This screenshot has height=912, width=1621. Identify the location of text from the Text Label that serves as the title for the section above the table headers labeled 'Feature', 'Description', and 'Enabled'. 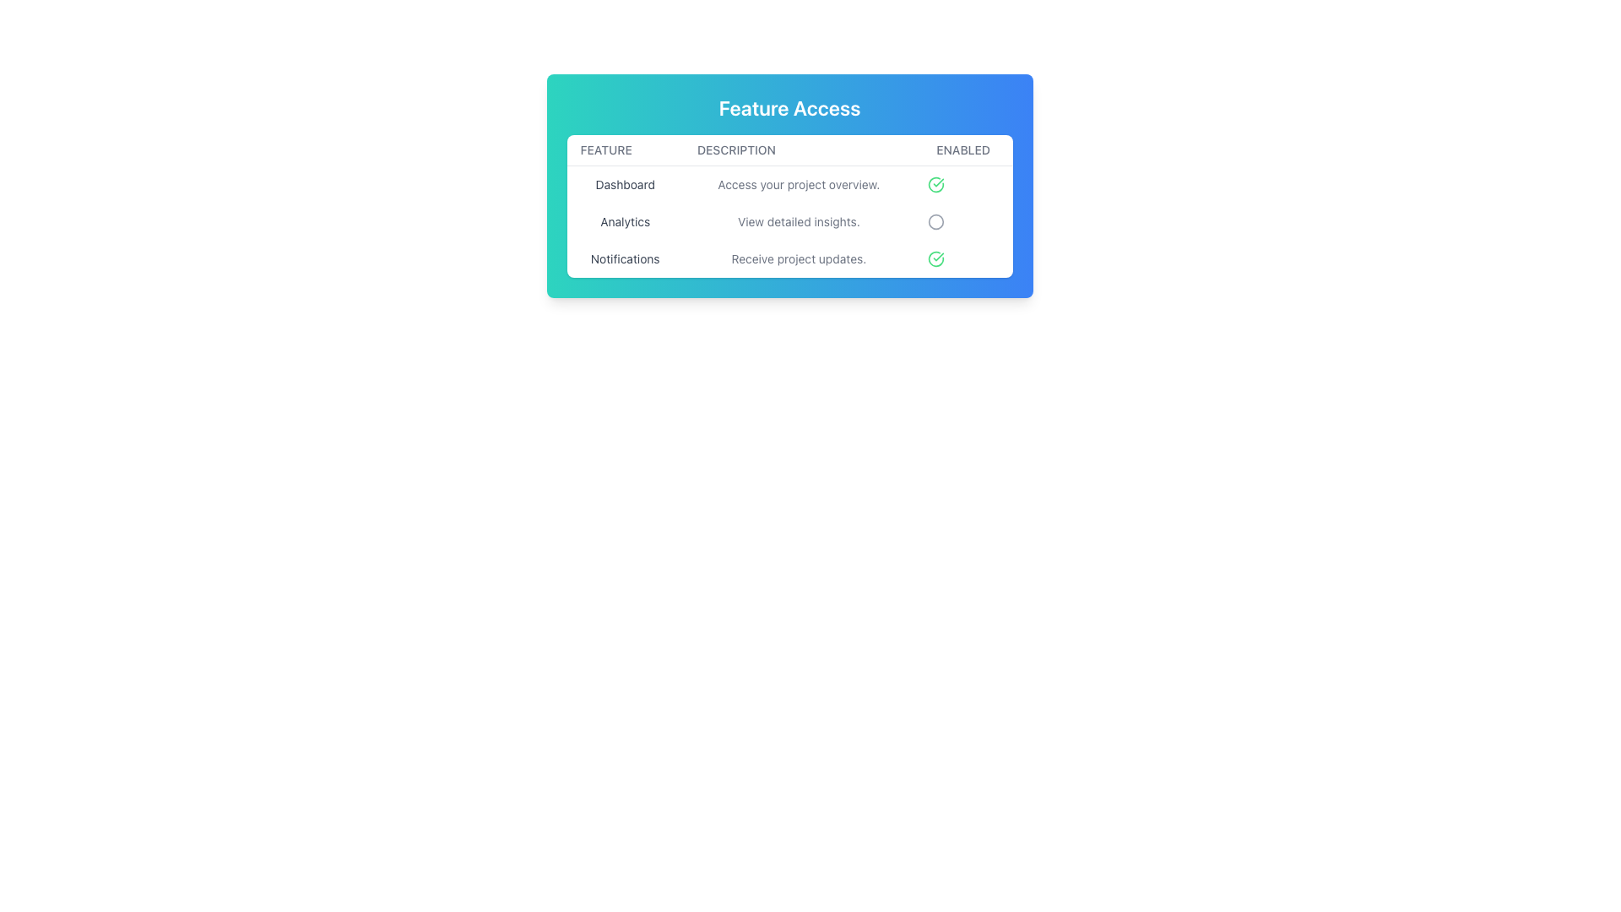
(789, 107).